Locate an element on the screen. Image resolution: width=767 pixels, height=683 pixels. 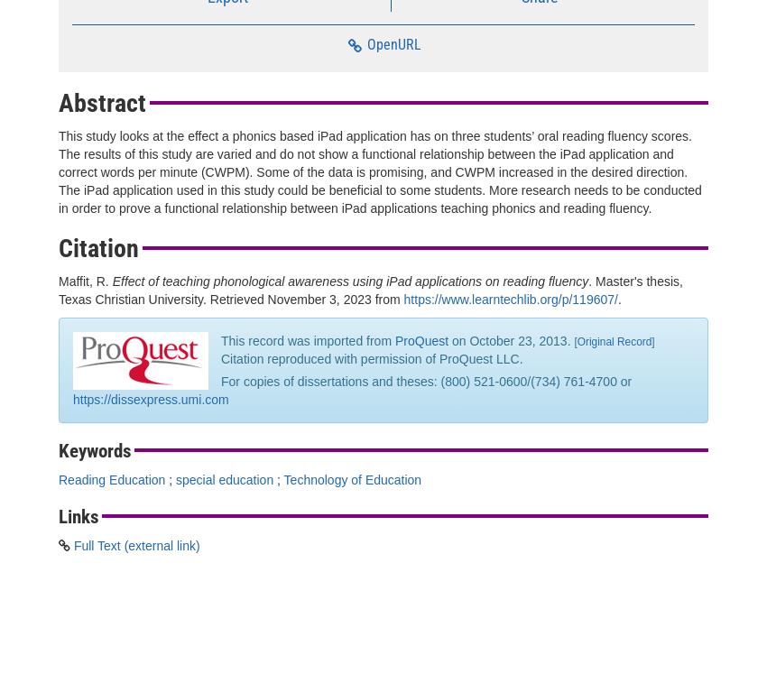
'For copies of dissertations and theses: (800) 521-0600/(734) 761-4700 or' is located at coordinates (426, 381).